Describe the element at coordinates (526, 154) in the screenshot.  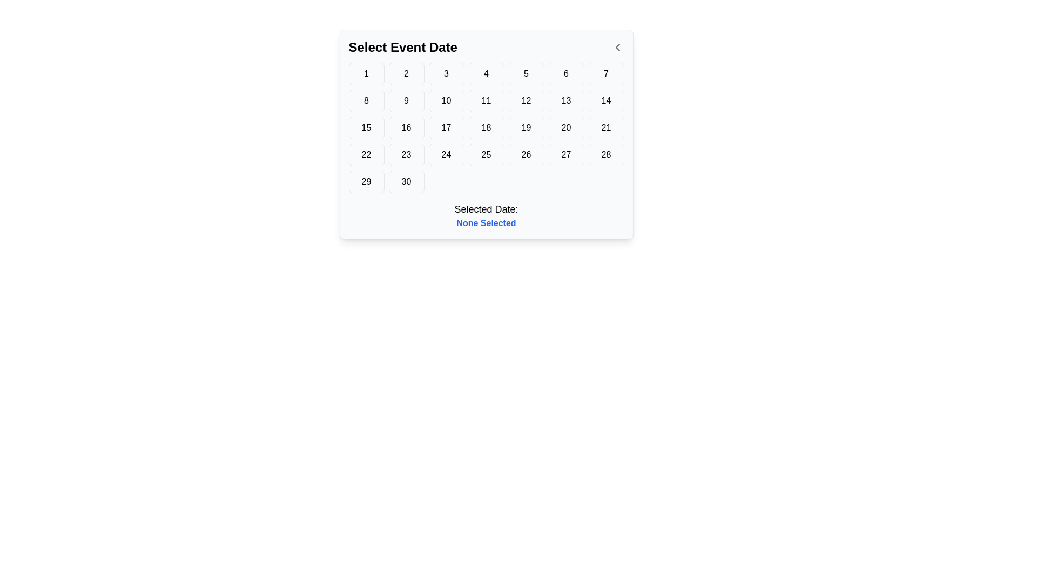
I see `the rectangular button with rounded corners containing the number '26' in bold, black text` at that location.